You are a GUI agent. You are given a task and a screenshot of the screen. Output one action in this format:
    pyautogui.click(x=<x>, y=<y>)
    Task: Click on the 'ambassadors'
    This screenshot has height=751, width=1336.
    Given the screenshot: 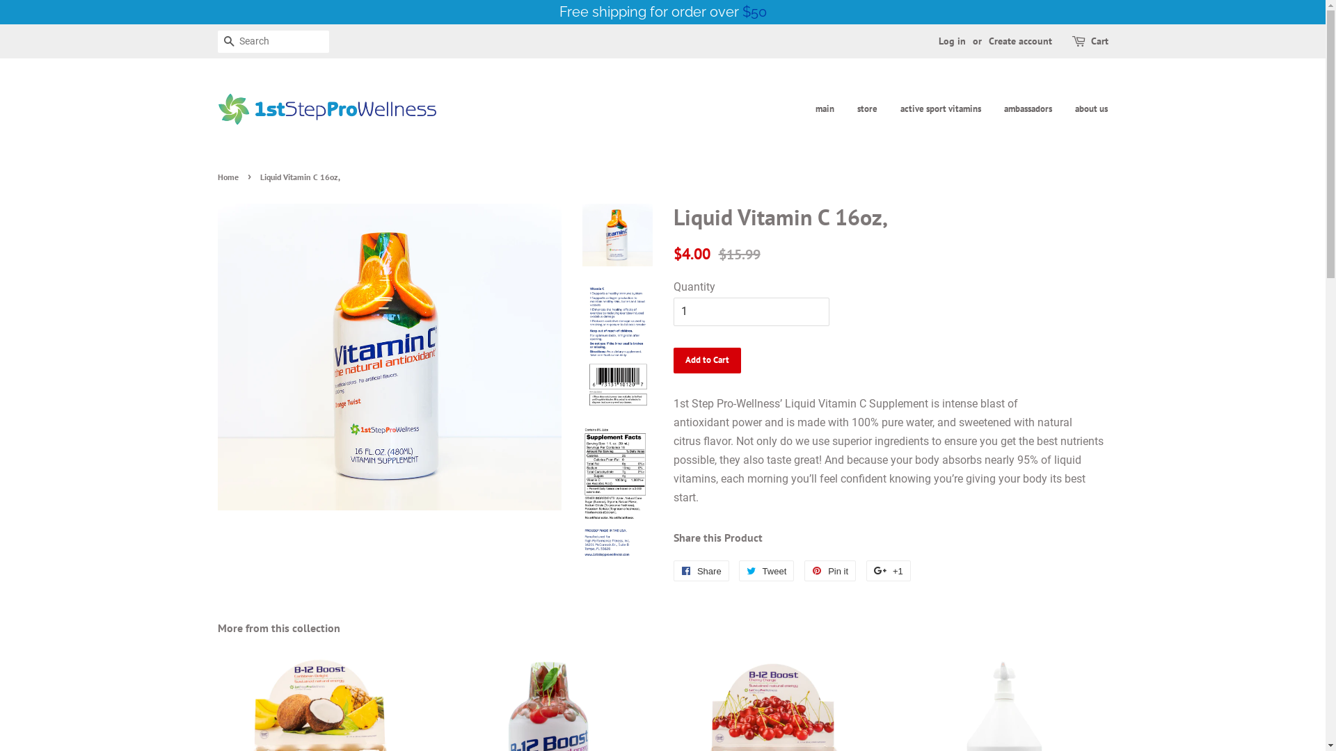 What is the action you would take?
    pyautogui.click(x=1028, y=108)
    